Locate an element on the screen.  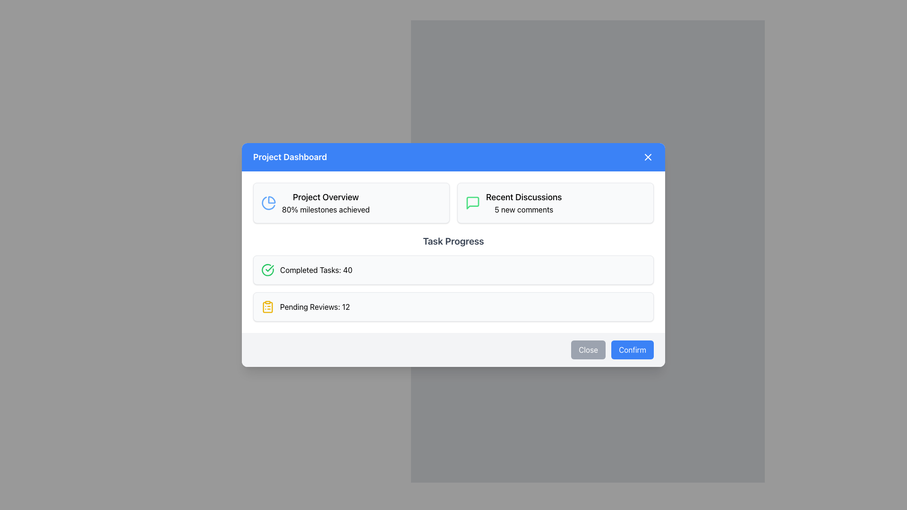
the Text Label that displays the number of pending reviews (12), located to the right of the clipboard icon in the 'Task Progress' section is located at coordinates (315, 307).